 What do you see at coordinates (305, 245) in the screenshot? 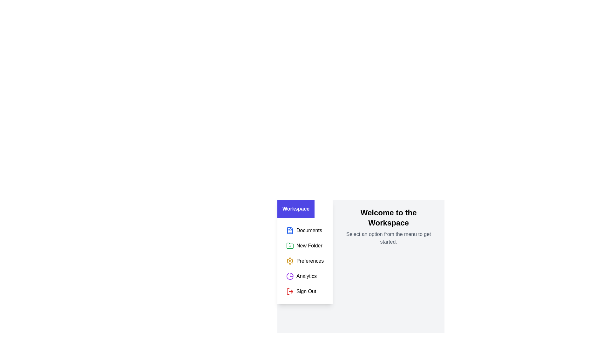
I see `the menu item New Folder to select it` at bounding box center [305, 245].